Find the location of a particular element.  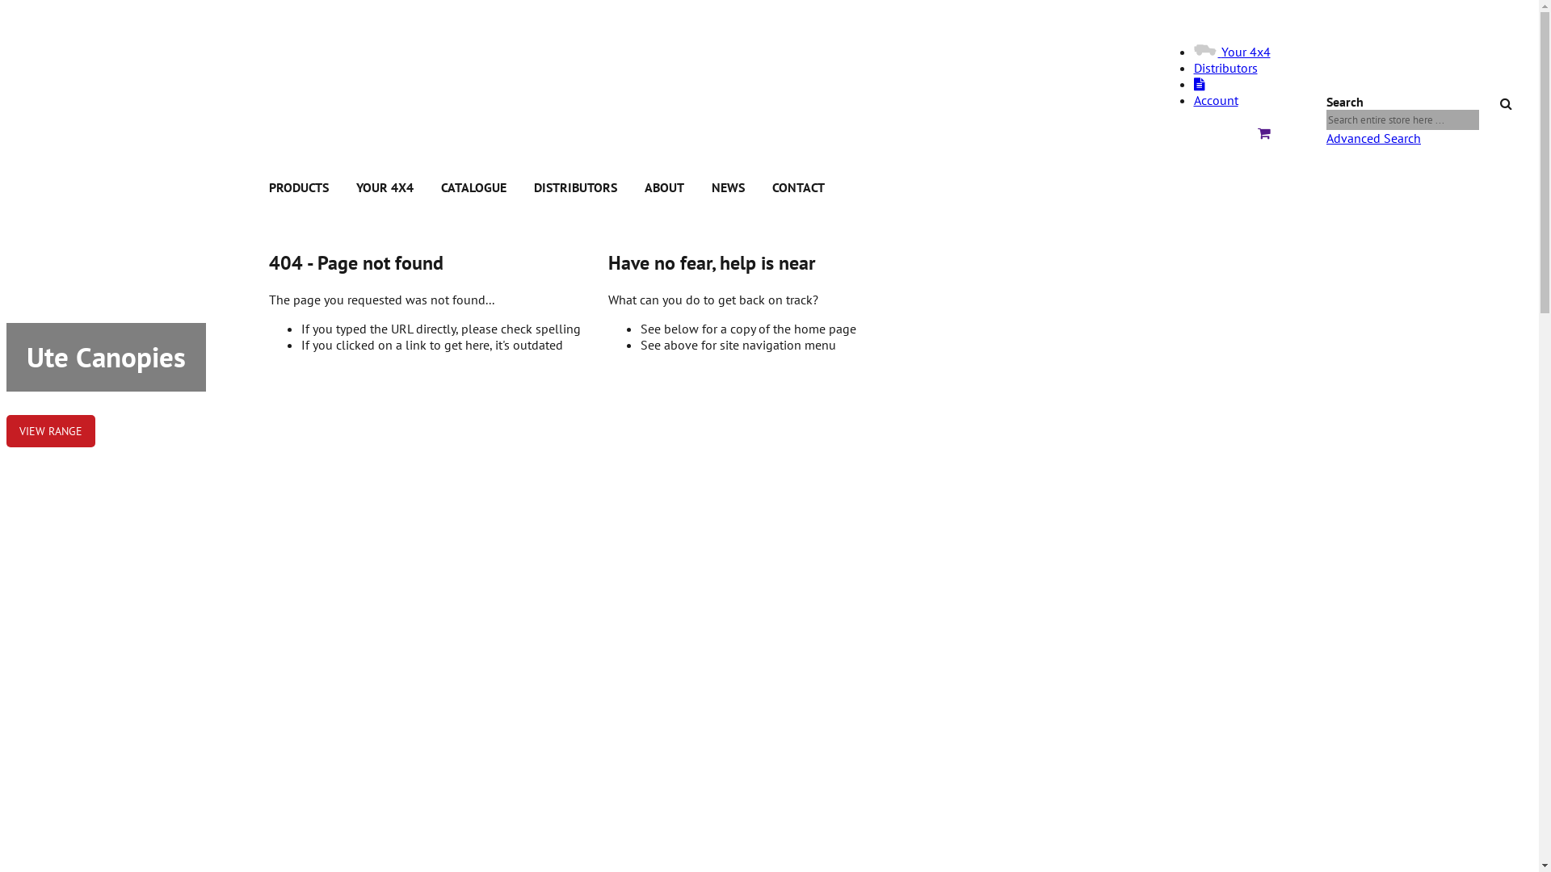

'Distributors' is located at coordinates (1225, 67).